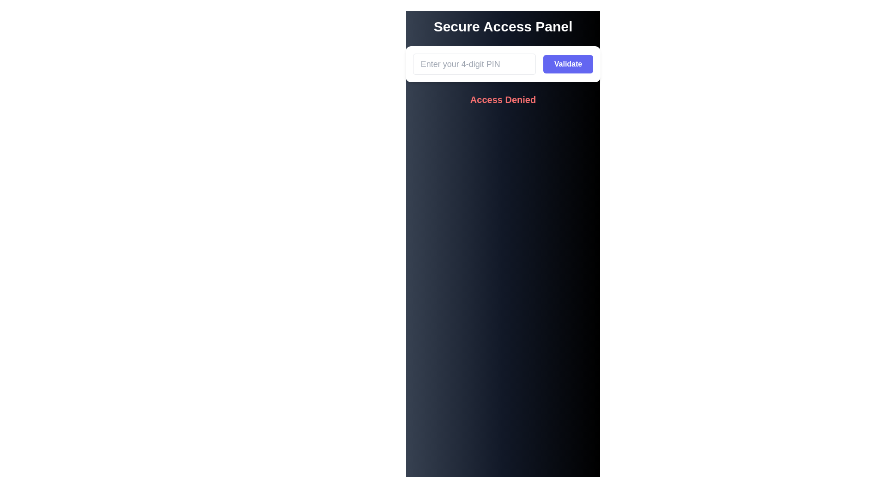 The image size is (887, 499). I want to click on the text input field of the secure access form located below the 'Secure Access Panel' heading to start typing the four-digit PIN, so click(503, 63).